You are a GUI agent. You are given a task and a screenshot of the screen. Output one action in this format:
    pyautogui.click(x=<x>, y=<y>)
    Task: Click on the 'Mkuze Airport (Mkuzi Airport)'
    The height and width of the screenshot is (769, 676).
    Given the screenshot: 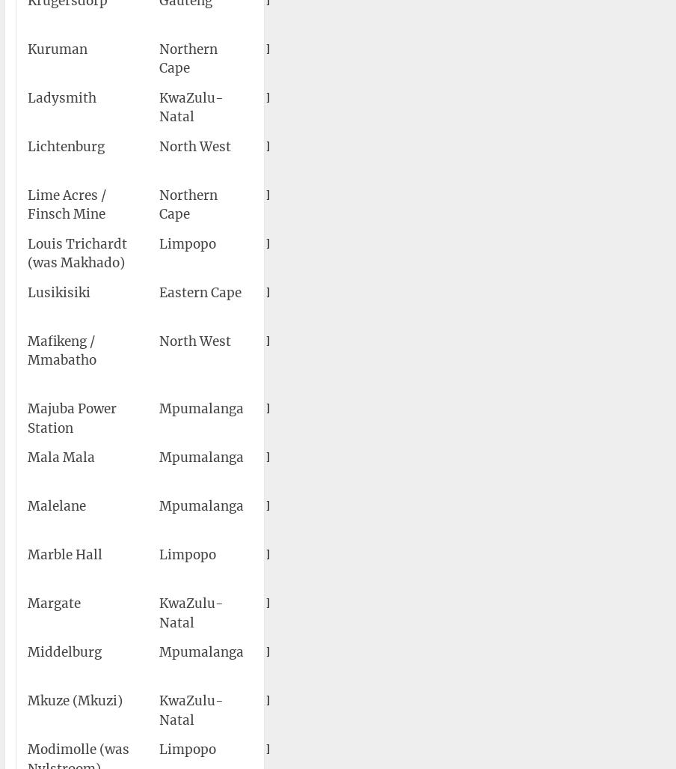 What is the action you would take?
    pyautogui.click(x=435, y=710)
    